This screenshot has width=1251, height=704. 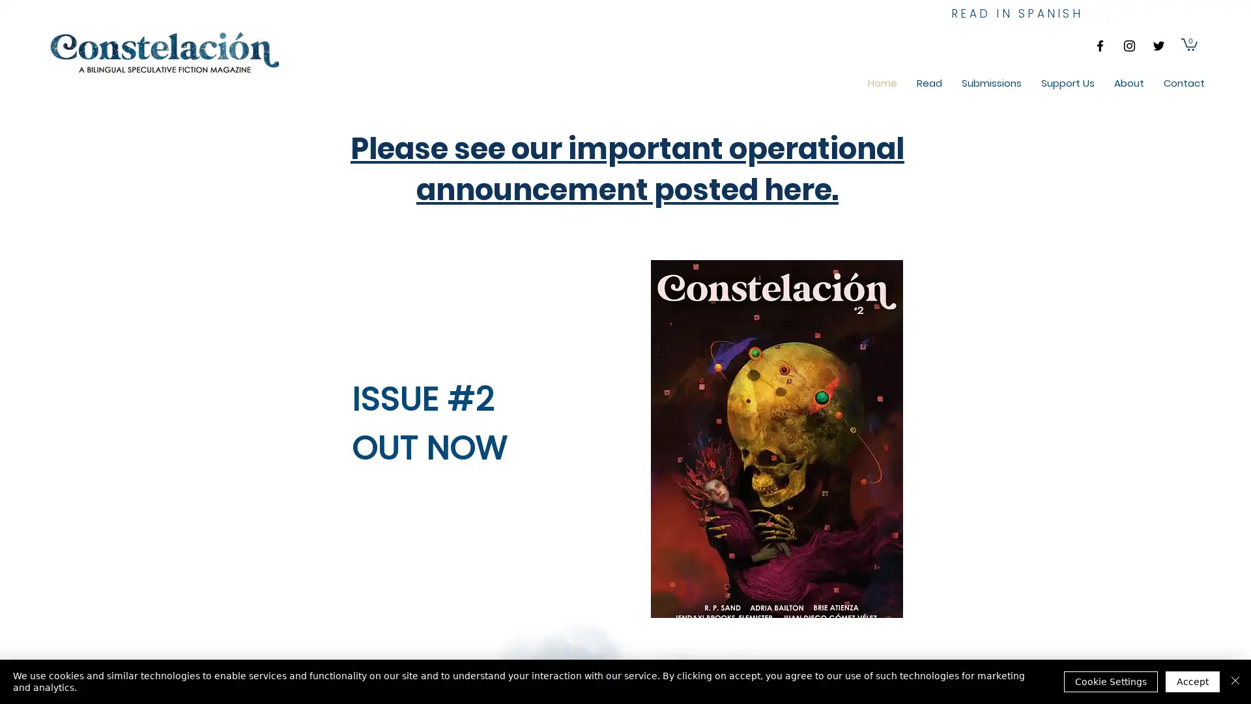 What do you see at coordinates (1189, 42) in the screenshot?
I see `Cart with 0 items` at bounding box center [1189, 42].